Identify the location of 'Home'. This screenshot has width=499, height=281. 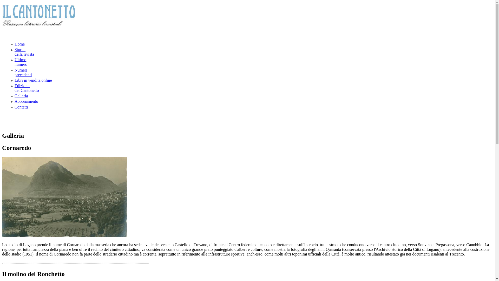
(38, 24).